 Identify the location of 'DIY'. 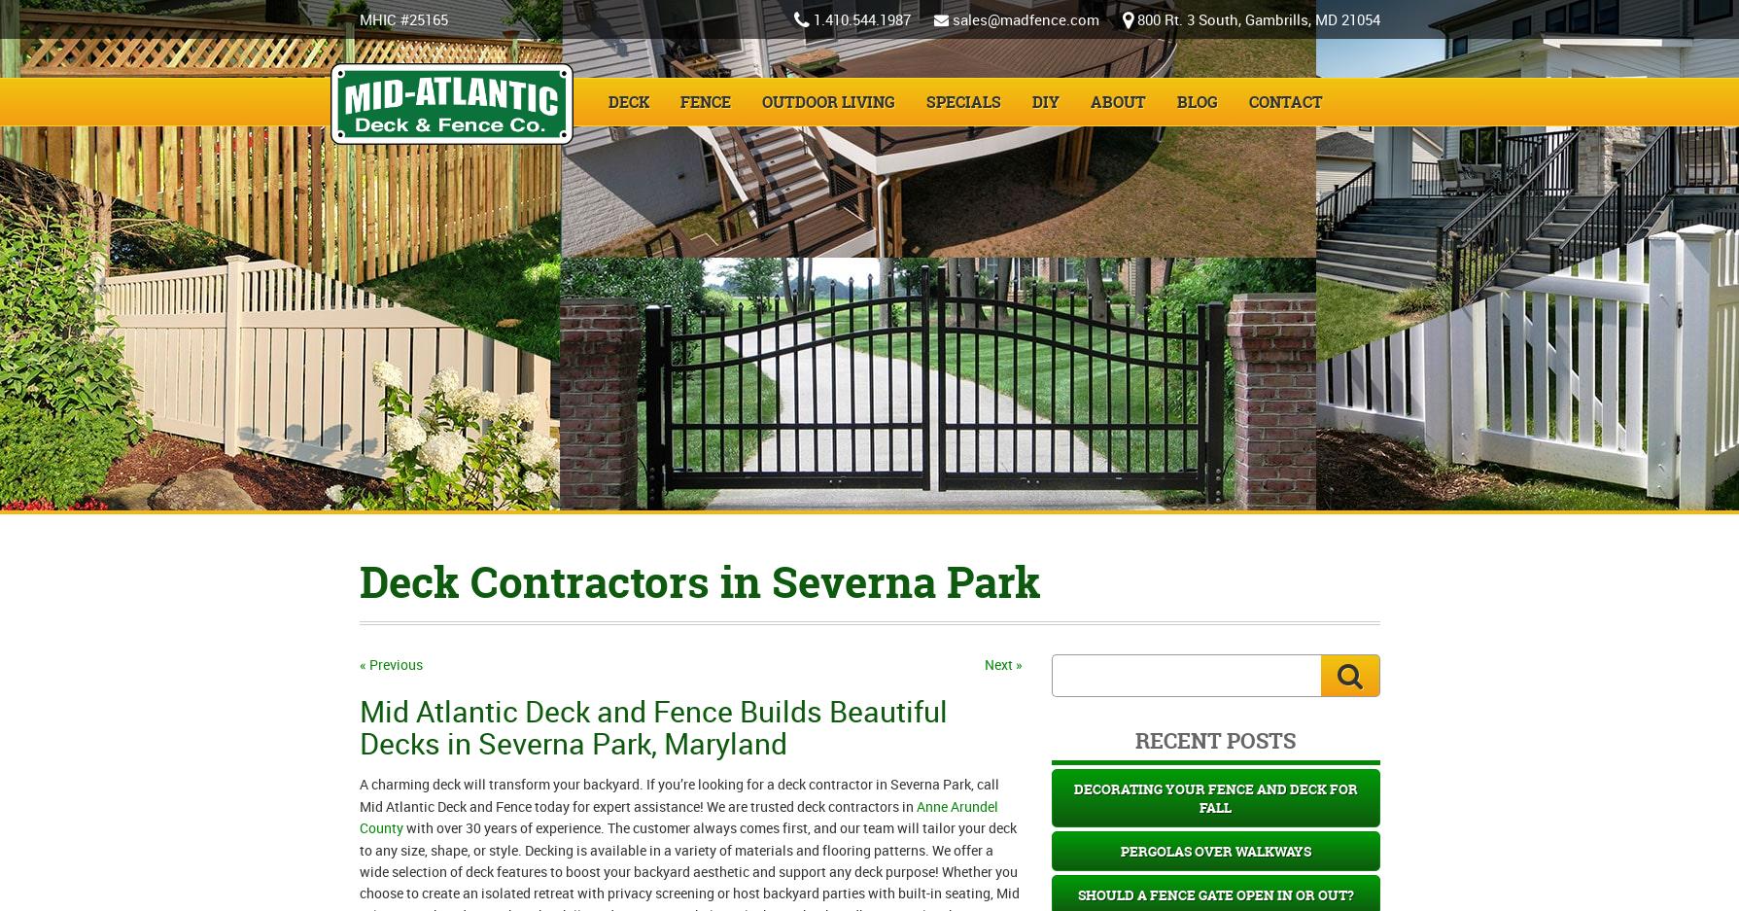
(1044, 101).